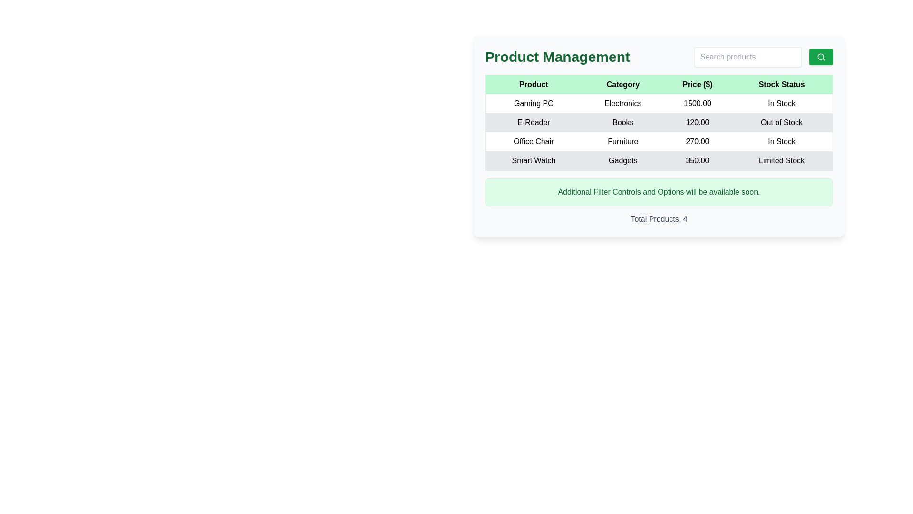  What do you see at coordinates (659, 122) in the screenshot?
I see `the table row representing the product entry for 'E-Reader', which includes details such as its category 'Books', price '120.00', and availability 'Out of Stock'` at bounding box center [659, 122].